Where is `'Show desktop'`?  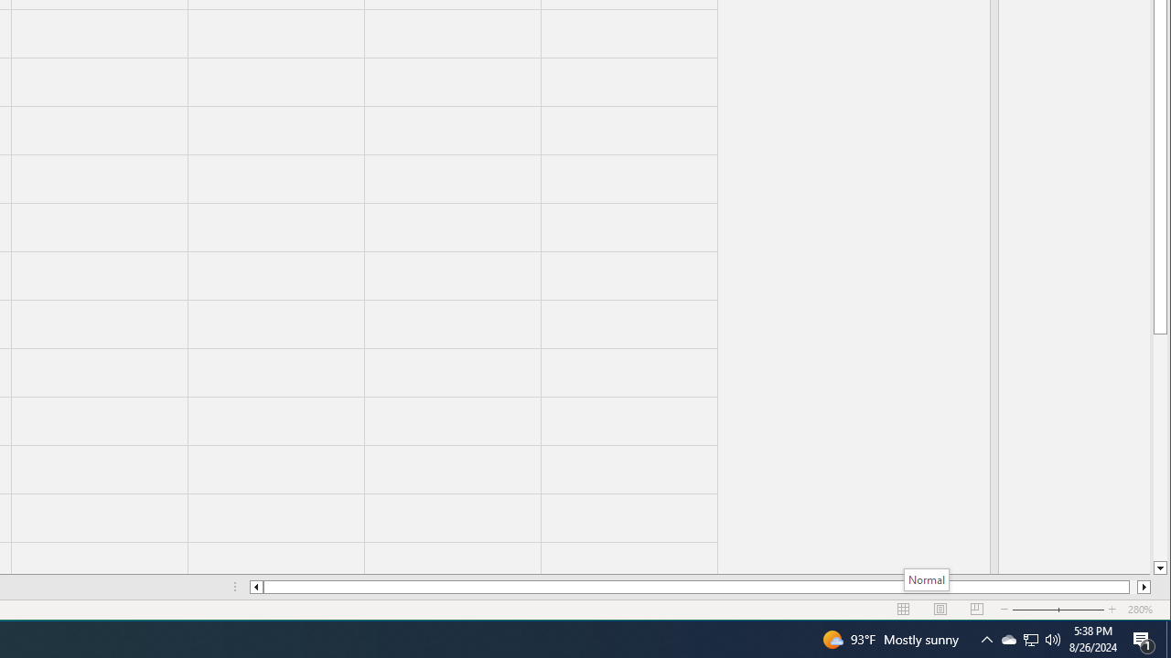 'Show desktop' is located at coordinates (1167, 638).